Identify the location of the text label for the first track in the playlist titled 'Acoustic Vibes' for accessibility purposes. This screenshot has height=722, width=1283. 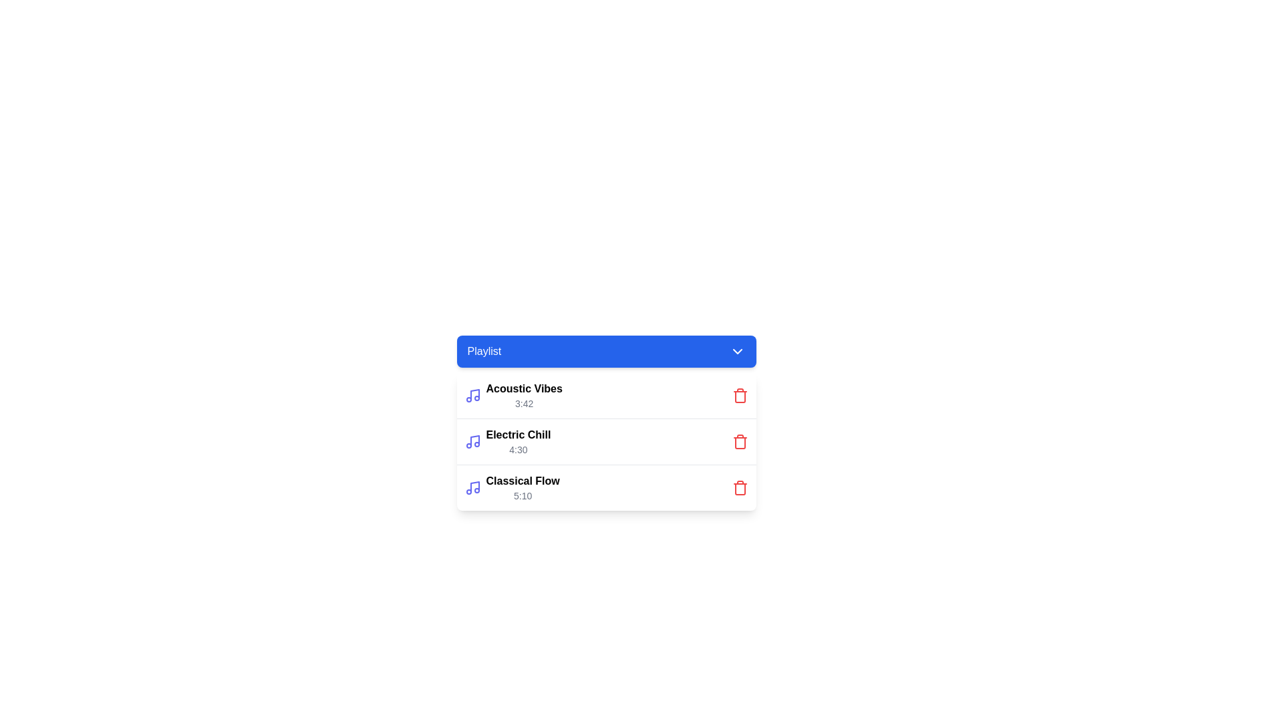
(523, 389).